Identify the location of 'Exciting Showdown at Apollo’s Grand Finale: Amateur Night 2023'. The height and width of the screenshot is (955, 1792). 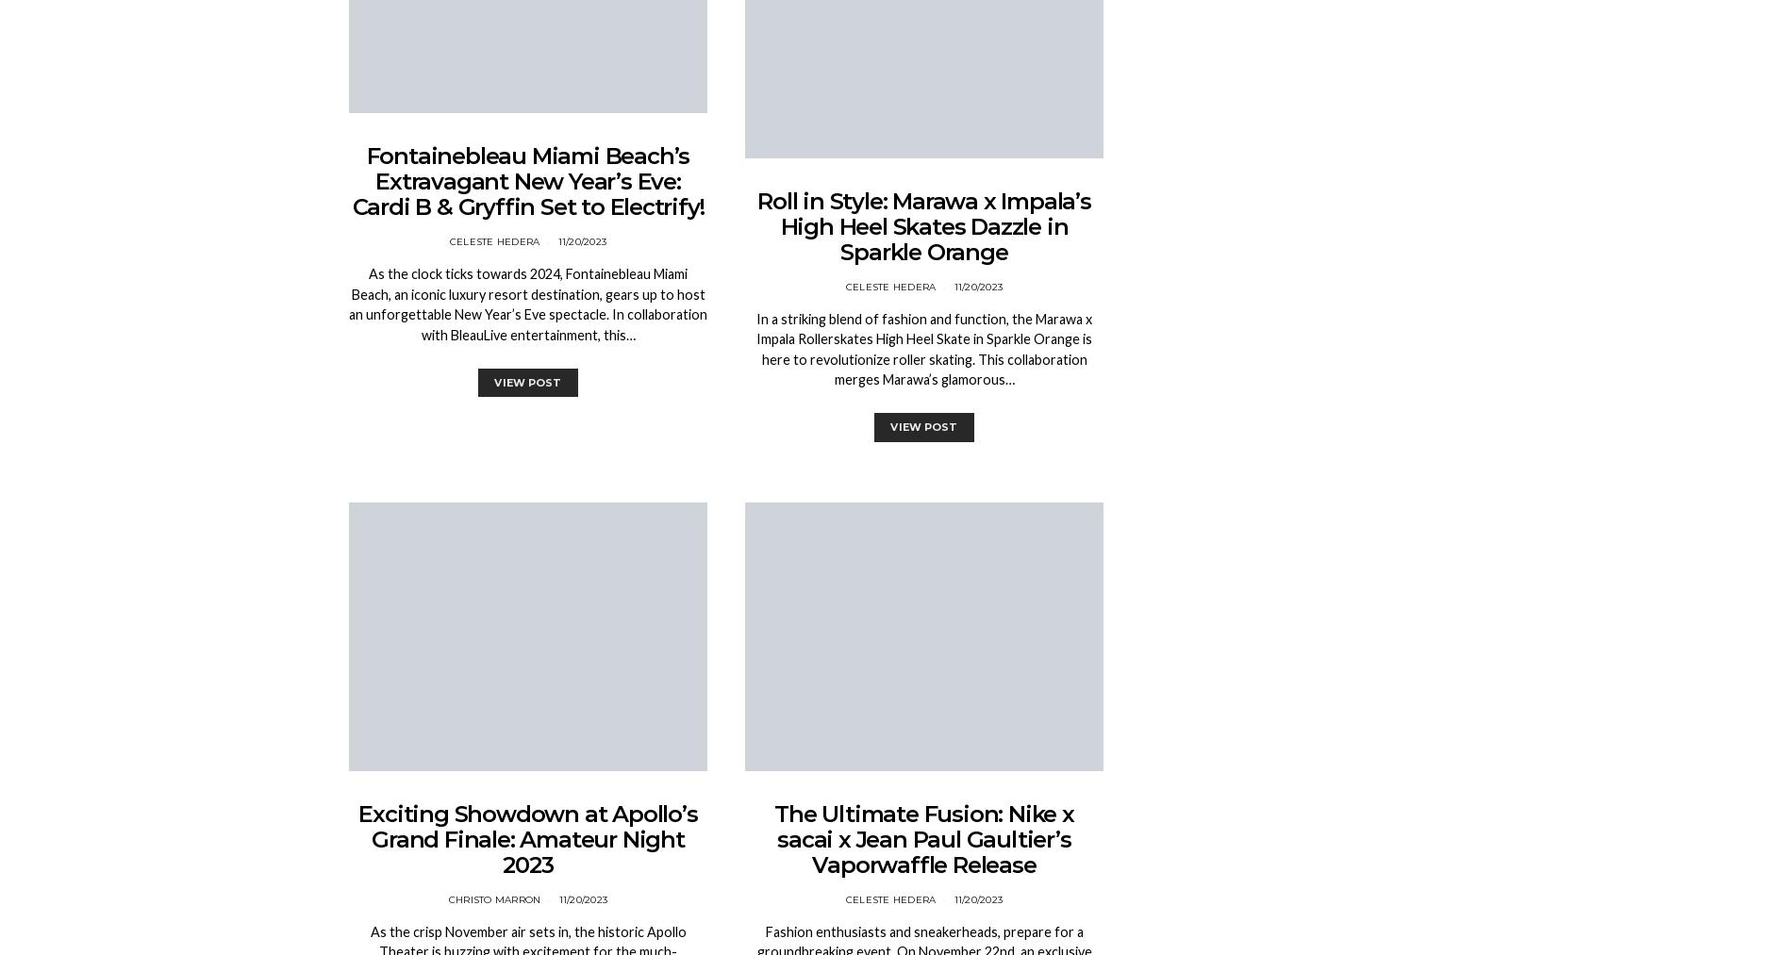
(527, 837).